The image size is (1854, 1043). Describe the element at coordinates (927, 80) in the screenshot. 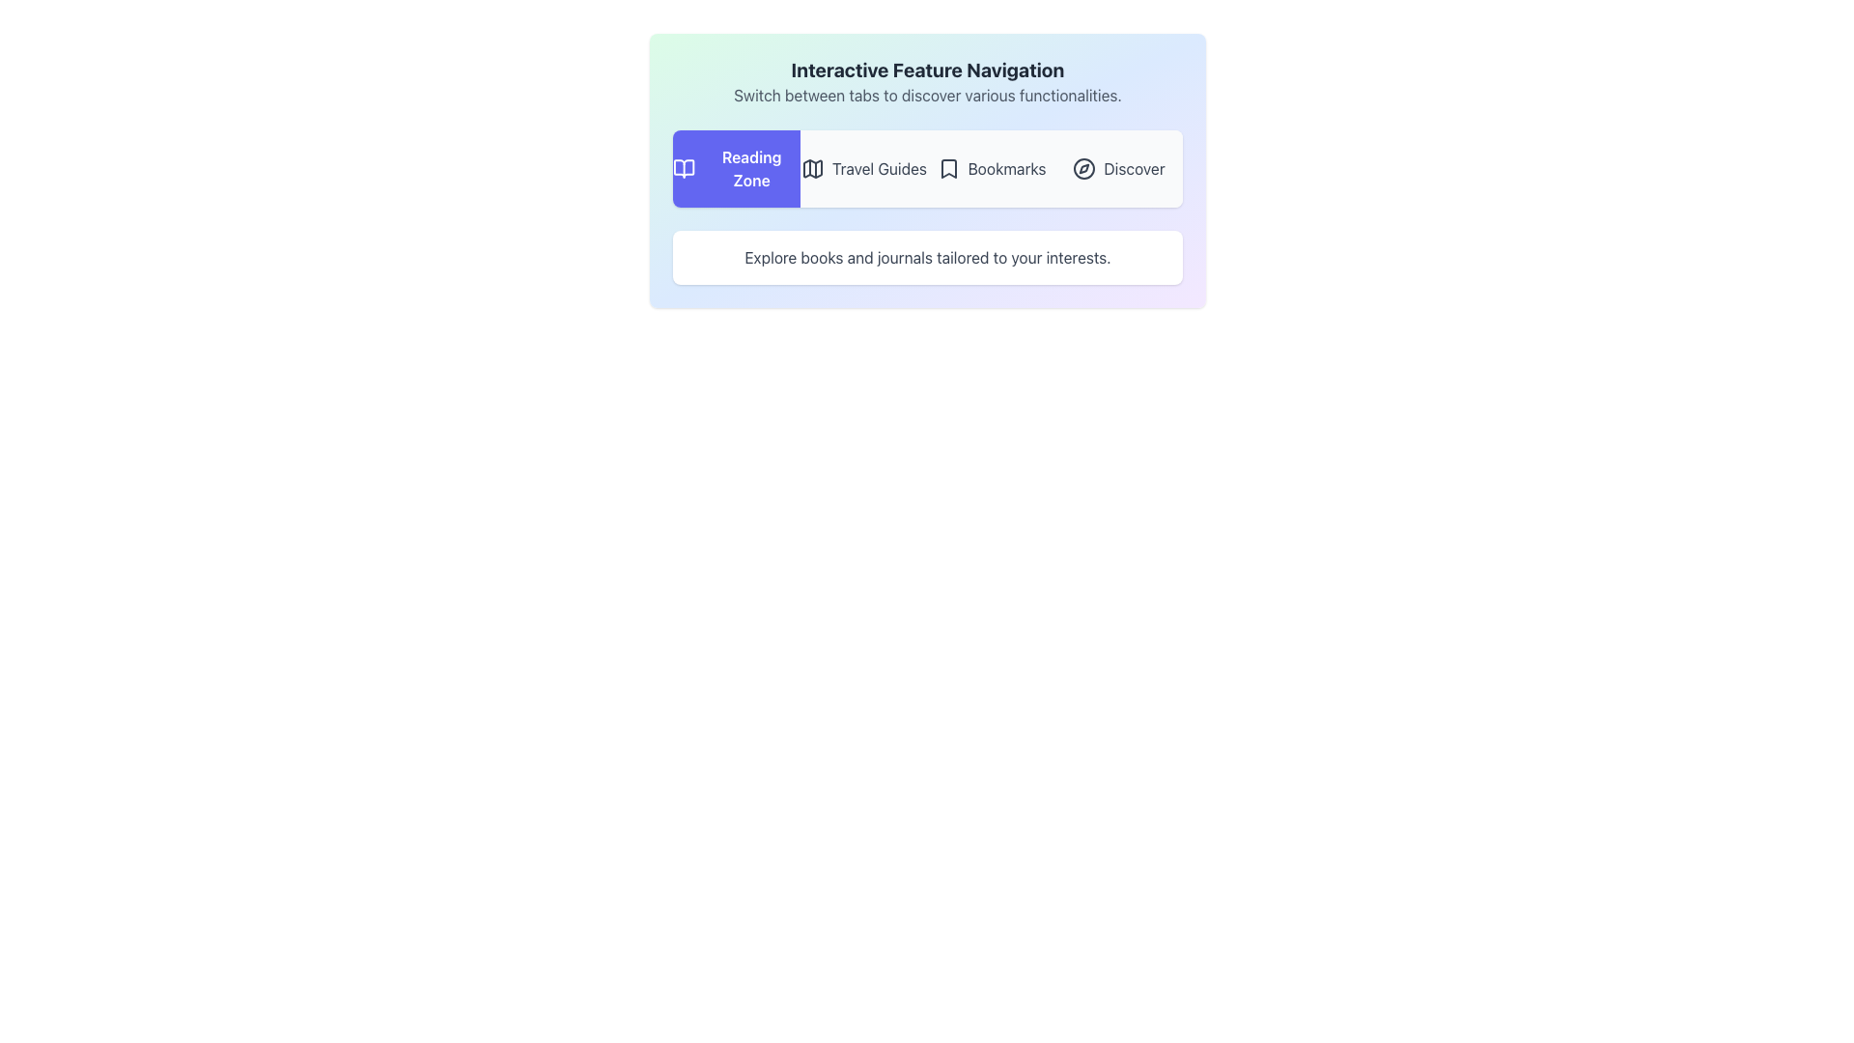

I see `text of the Textual Header with Subtext that says 'Interactive Feature Navigation' and its subtext 'Switch between tabs to discover various functionalities.'` at that location.